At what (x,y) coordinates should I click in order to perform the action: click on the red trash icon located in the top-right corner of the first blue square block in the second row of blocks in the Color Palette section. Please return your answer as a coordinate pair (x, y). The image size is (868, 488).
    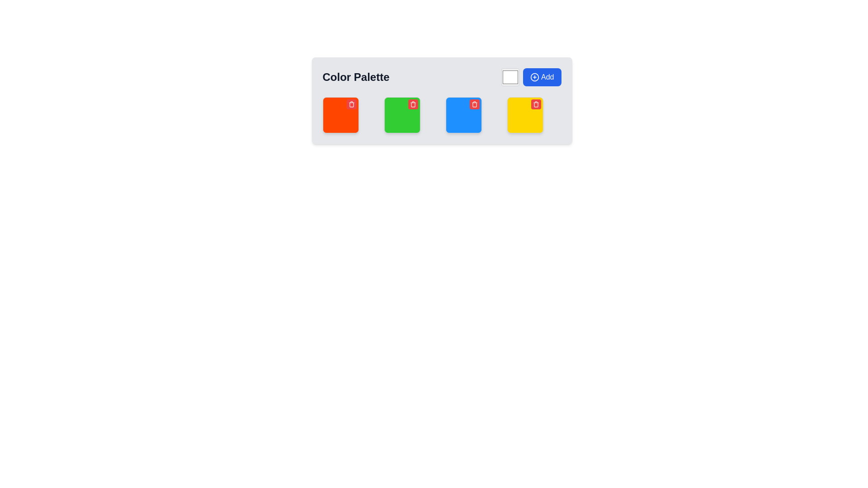
    Looking at the image, I should click on (474, 104).